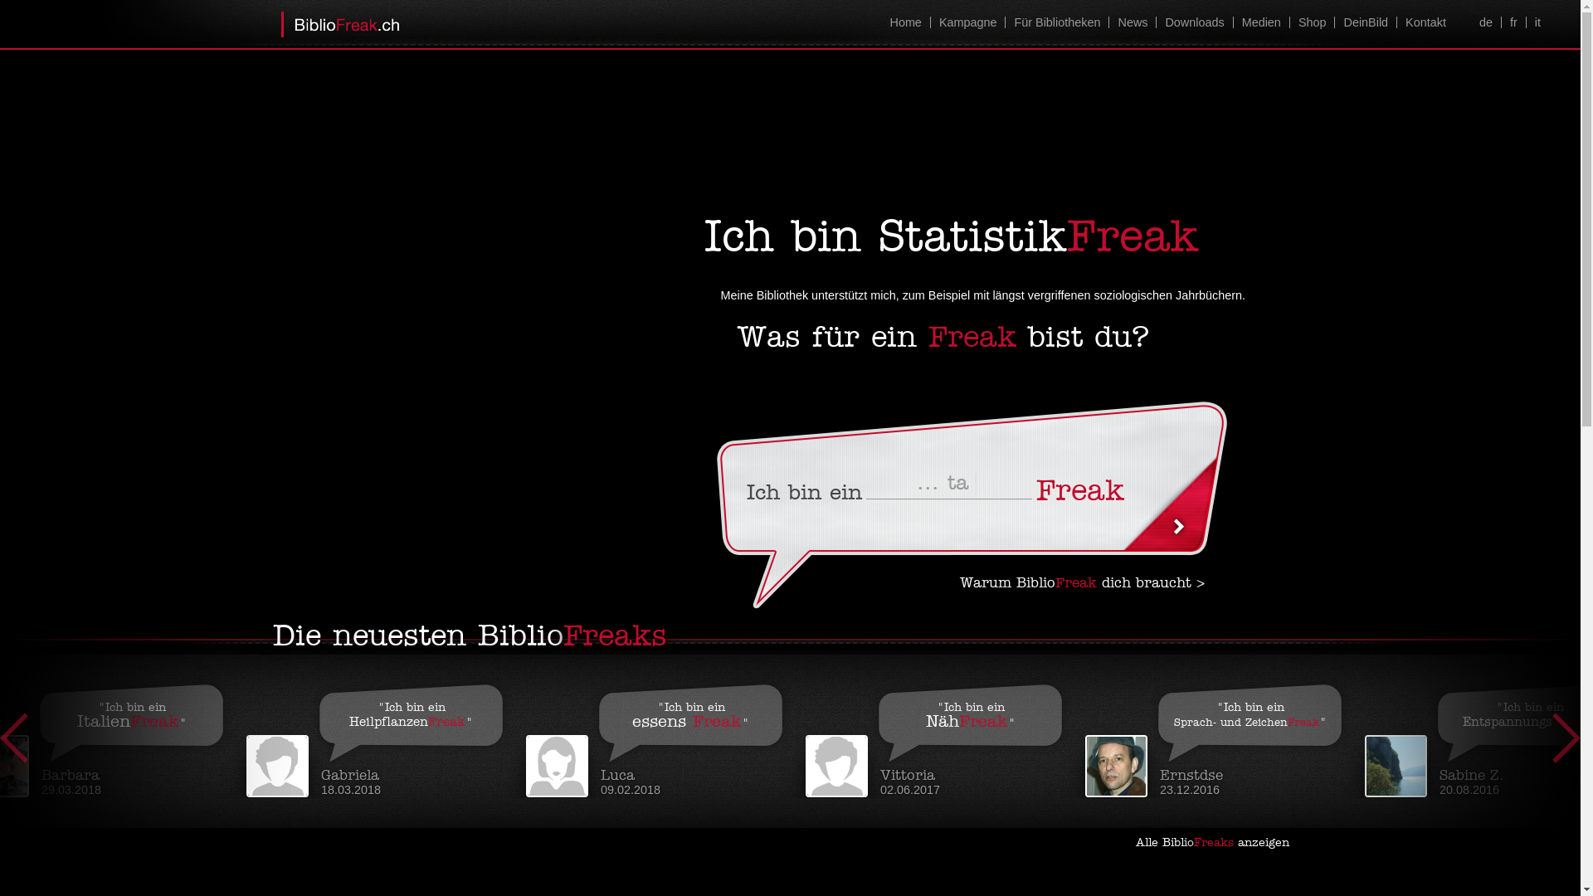  I want to click on 'Alle BiblioFreaks anzeigen', so click(1218, 842).